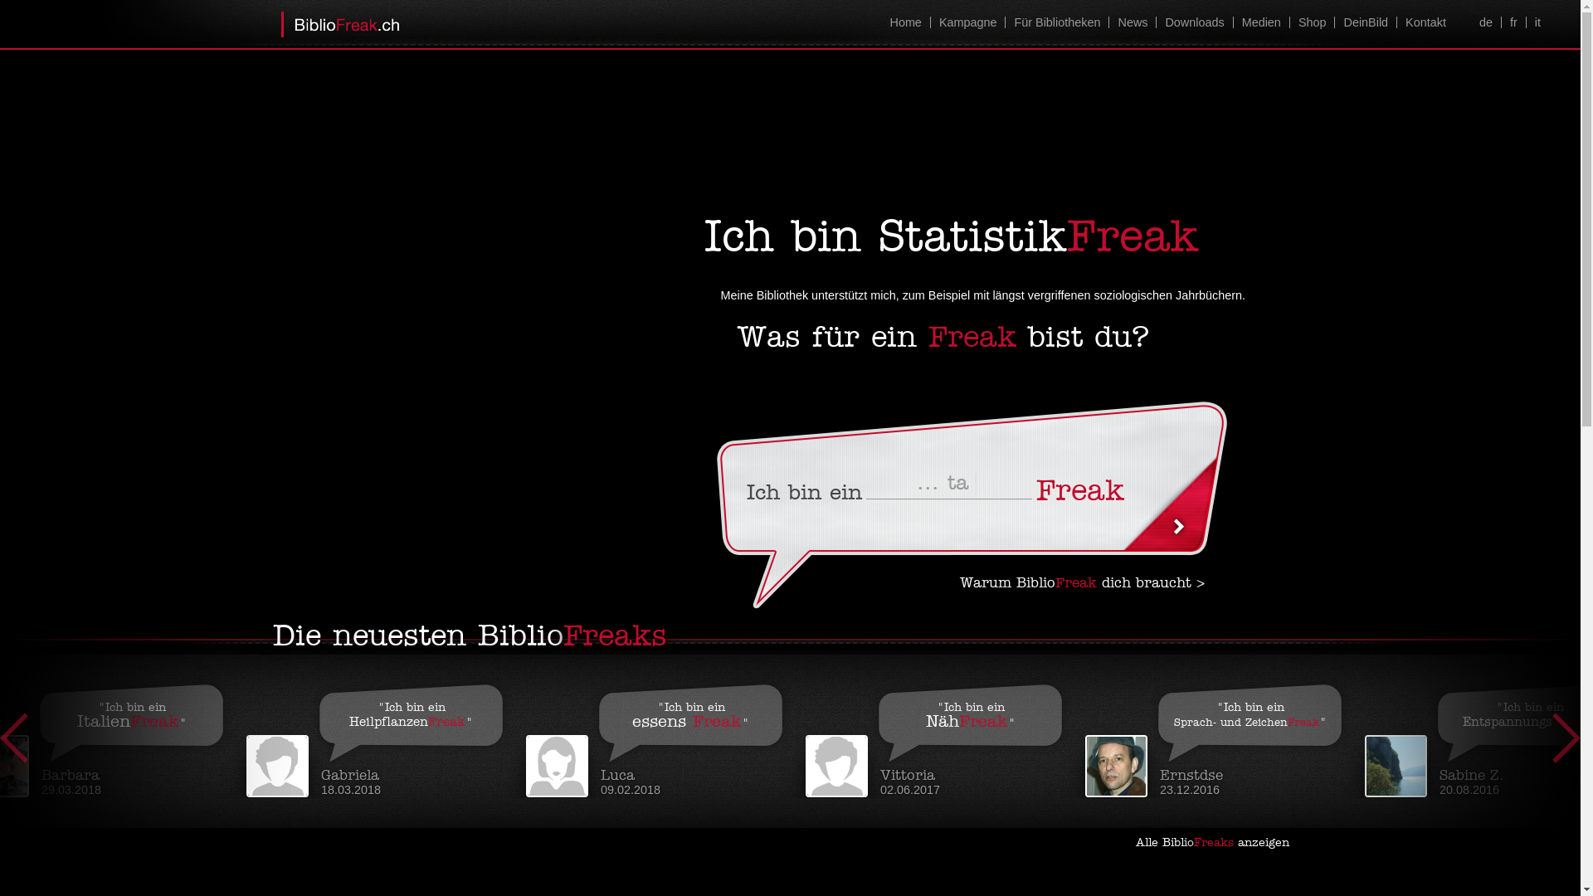  I want to click on 'Alle BiblioFreaks anzeigen', so click(1218, 842).